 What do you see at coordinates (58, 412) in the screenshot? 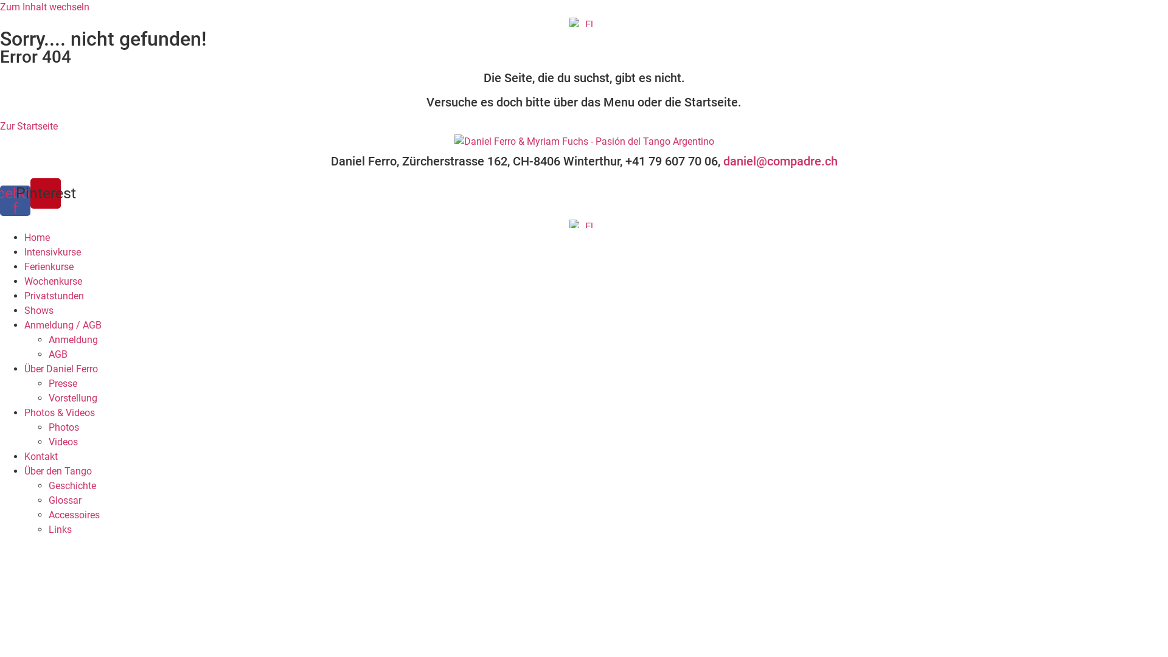
I see `'Photos & Videos'` at bounding box center [58, 412].